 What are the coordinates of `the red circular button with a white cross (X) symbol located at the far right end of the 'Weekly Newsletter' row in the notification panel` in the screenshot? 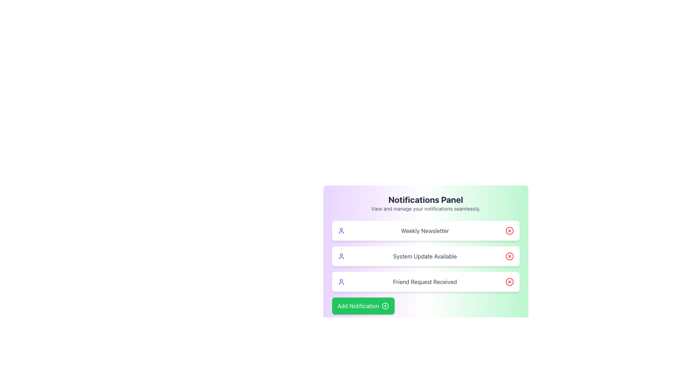 It's located at (509, 231).